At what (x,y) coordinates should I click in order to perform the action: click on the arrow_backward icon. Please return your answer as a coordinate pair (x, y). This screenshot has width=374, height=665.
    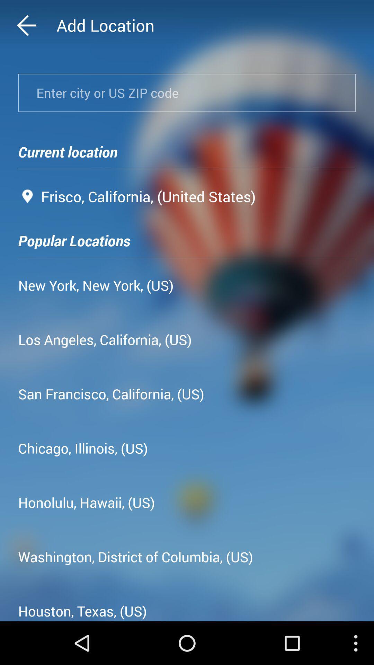
    Looking at the image, I should click on (40, 27).